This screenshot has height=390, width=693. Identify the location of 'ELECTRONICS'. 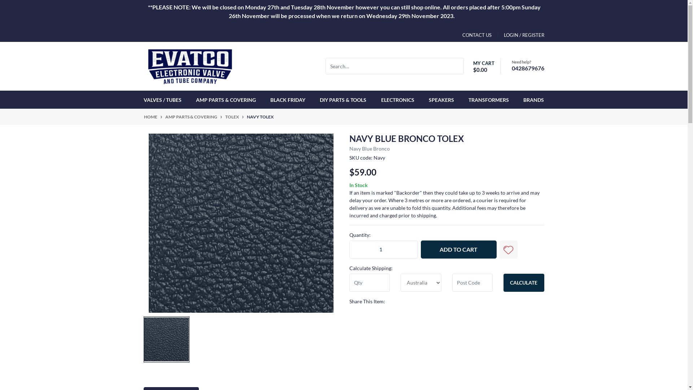
(397, 100).